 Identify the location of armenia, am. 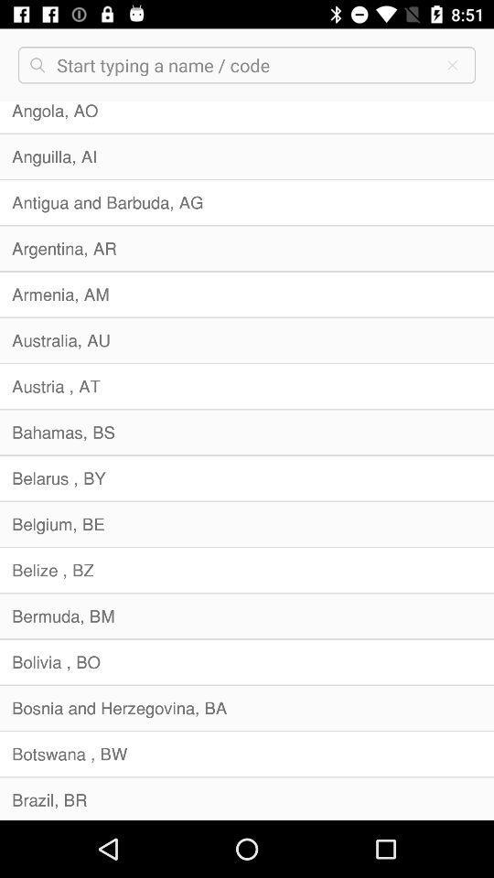
(247, 294).